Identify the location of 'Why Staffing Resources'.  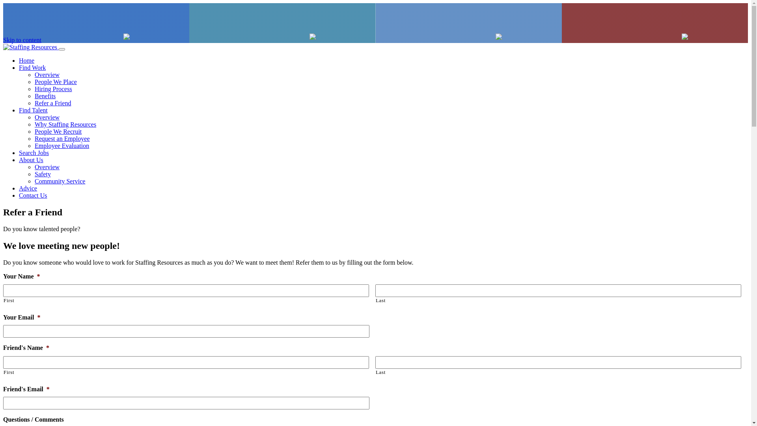
(65, 124).